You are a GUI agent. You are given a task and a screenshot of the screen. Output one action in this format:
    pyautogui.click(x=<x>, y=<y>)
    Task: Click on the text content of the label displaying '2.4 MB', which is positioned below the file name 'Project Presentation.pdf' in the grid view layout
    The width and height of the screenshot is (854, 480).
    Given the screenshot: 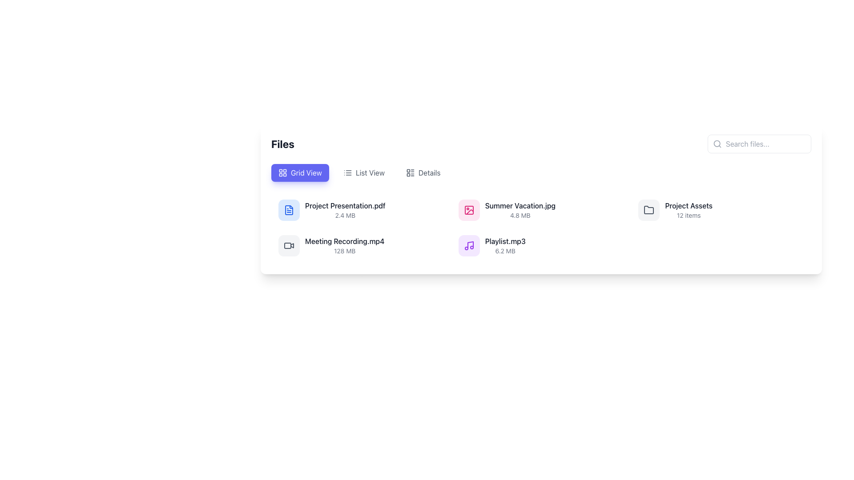 What is the action you would take?
    pyautogui.click(x=345, y=216)
    